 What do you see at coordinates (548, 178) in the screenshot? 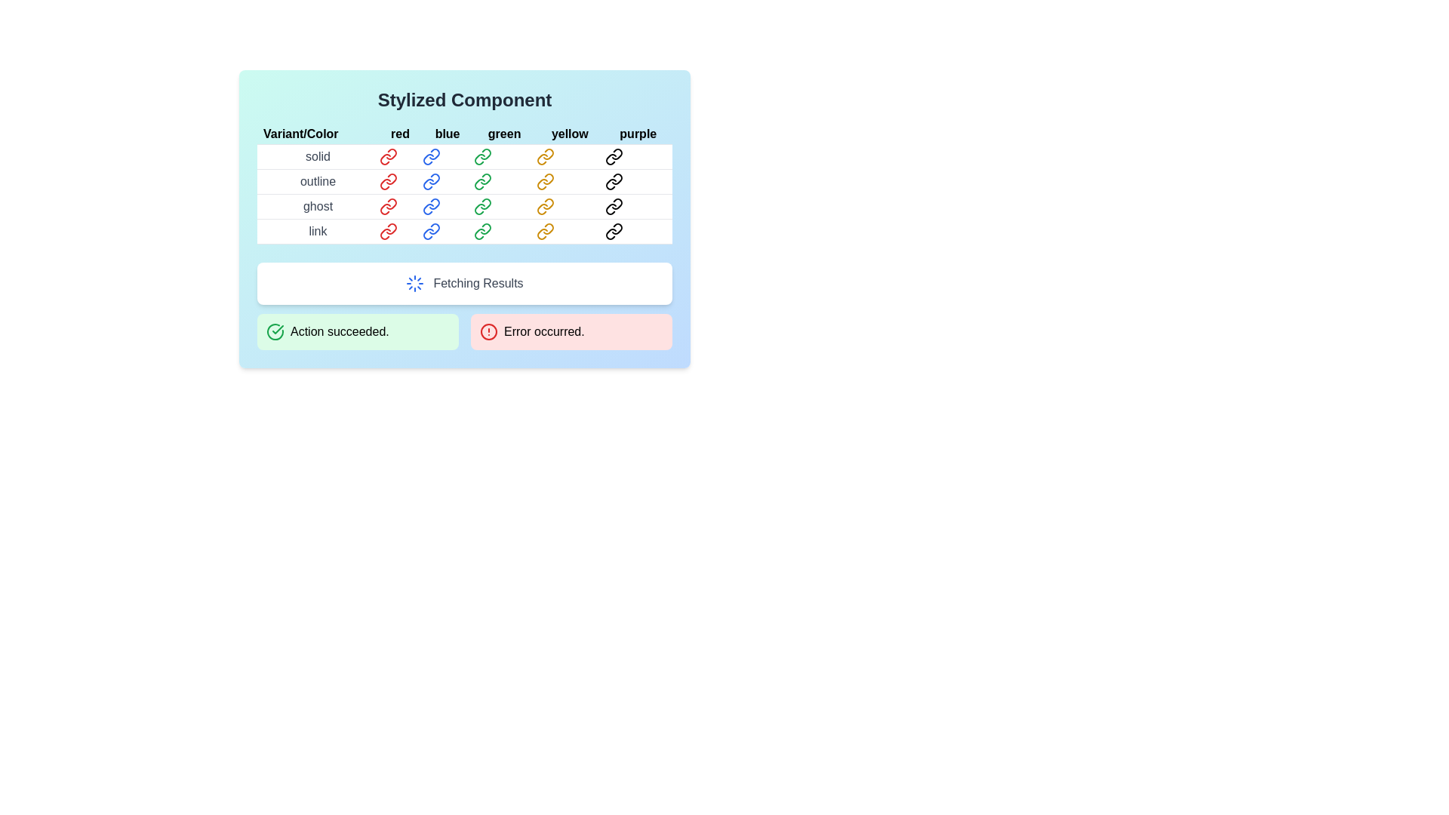
I see `the yellow chain link icon, which is a minimalistic outline symbol located in the table cell at the intersection of the 'outline' row and 'yellow' column` at bounding box center [548, 178].